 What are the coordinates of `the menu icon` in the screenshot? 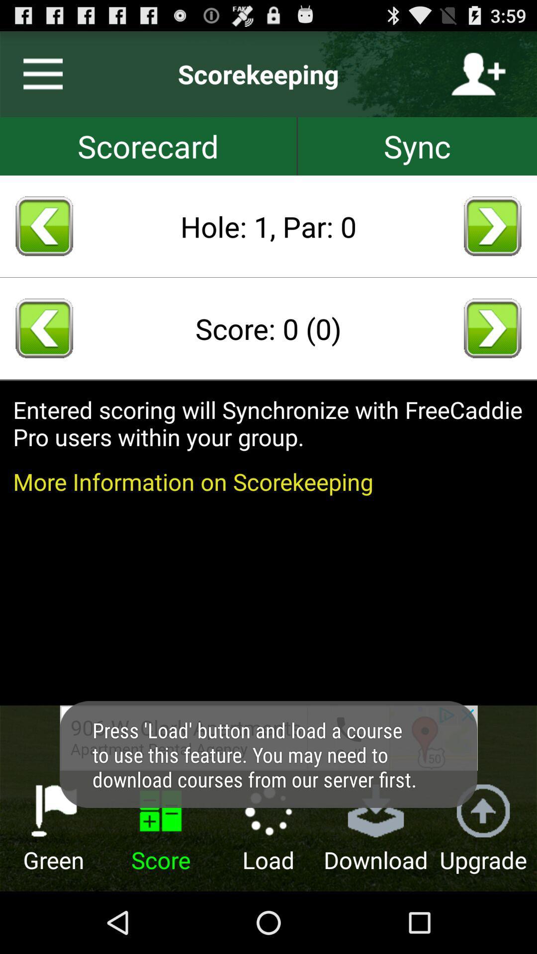 It's located at (38, 79).